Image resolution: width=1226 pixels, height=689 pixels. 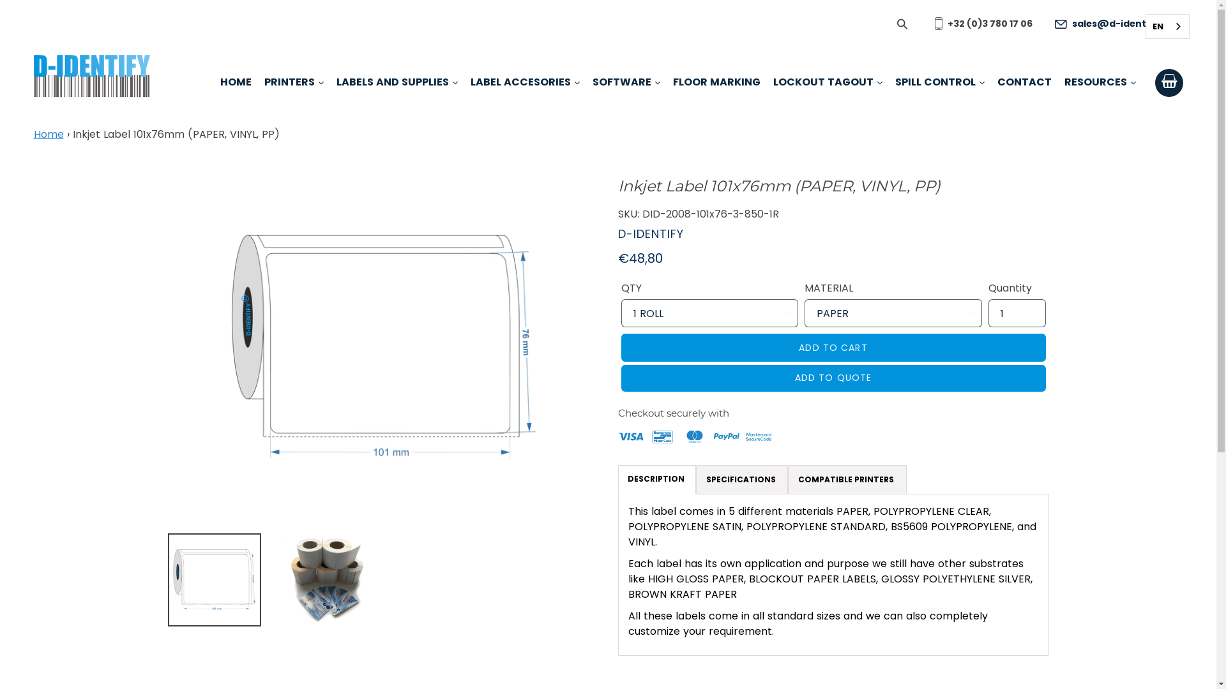 I want to click on 'FLOOR MARKING', so click(x=716, y=84).